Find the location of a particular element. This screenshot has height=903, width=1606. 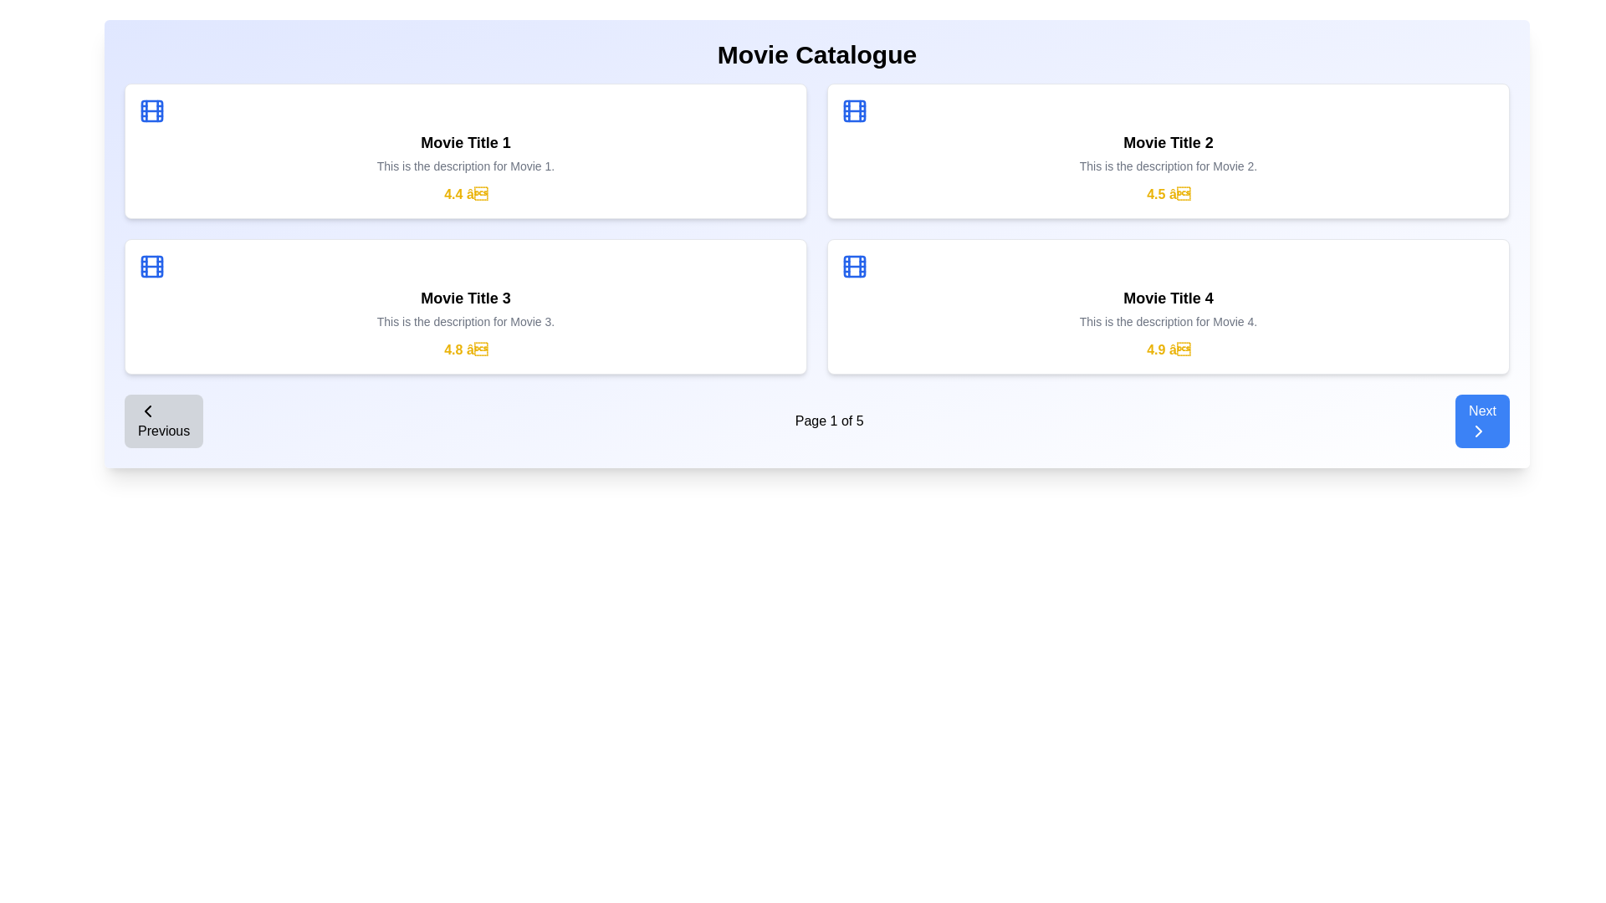

the interactive presentation card displaying 'Movie Title 3' with a yellow rating score '4.8' located in the third slot of the grid layout is located at coordinates (465, 306).